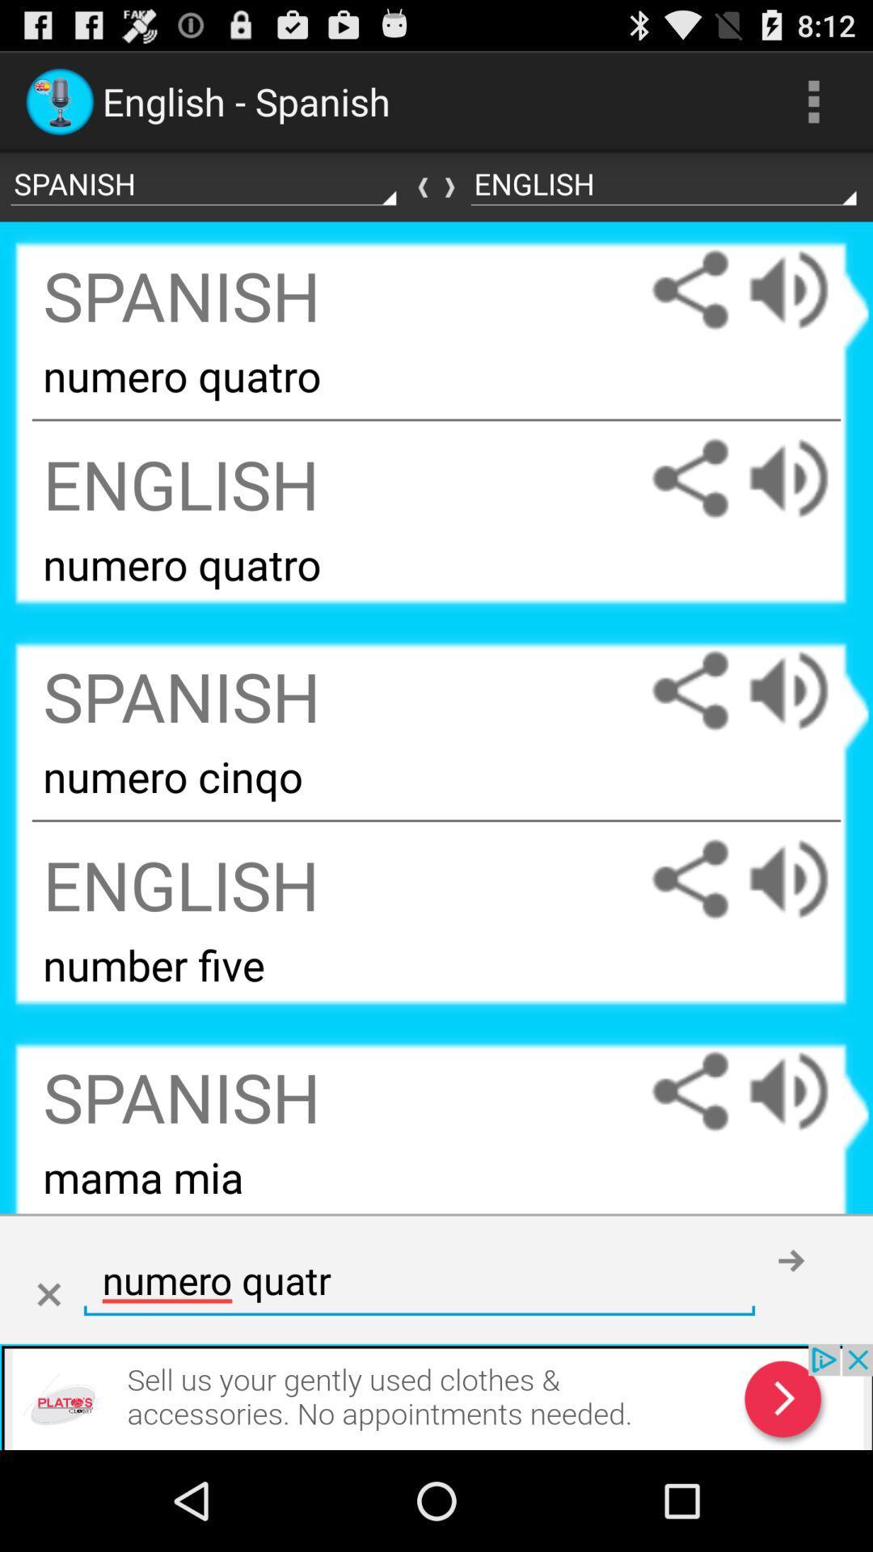 The image size is (873, 1552). What do you see at coordinates (690, 878) in the screenshot?
I see `to share` at bounding box center [690, 878].